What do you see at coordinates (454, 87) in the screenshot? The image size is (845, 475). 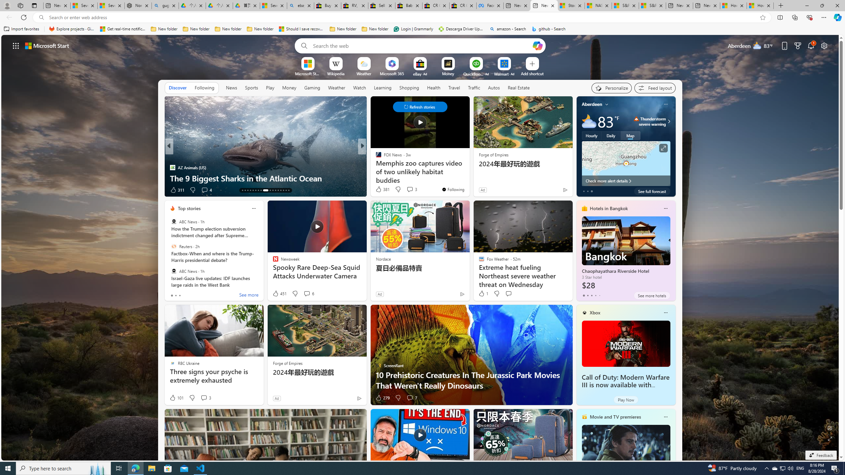 I see `'Travel'` at bounding box center [454, 87].